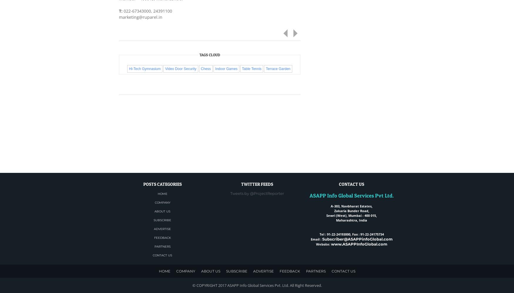 The image size is (514, 293). I want to click on 'Advertise', so click(162, 229).